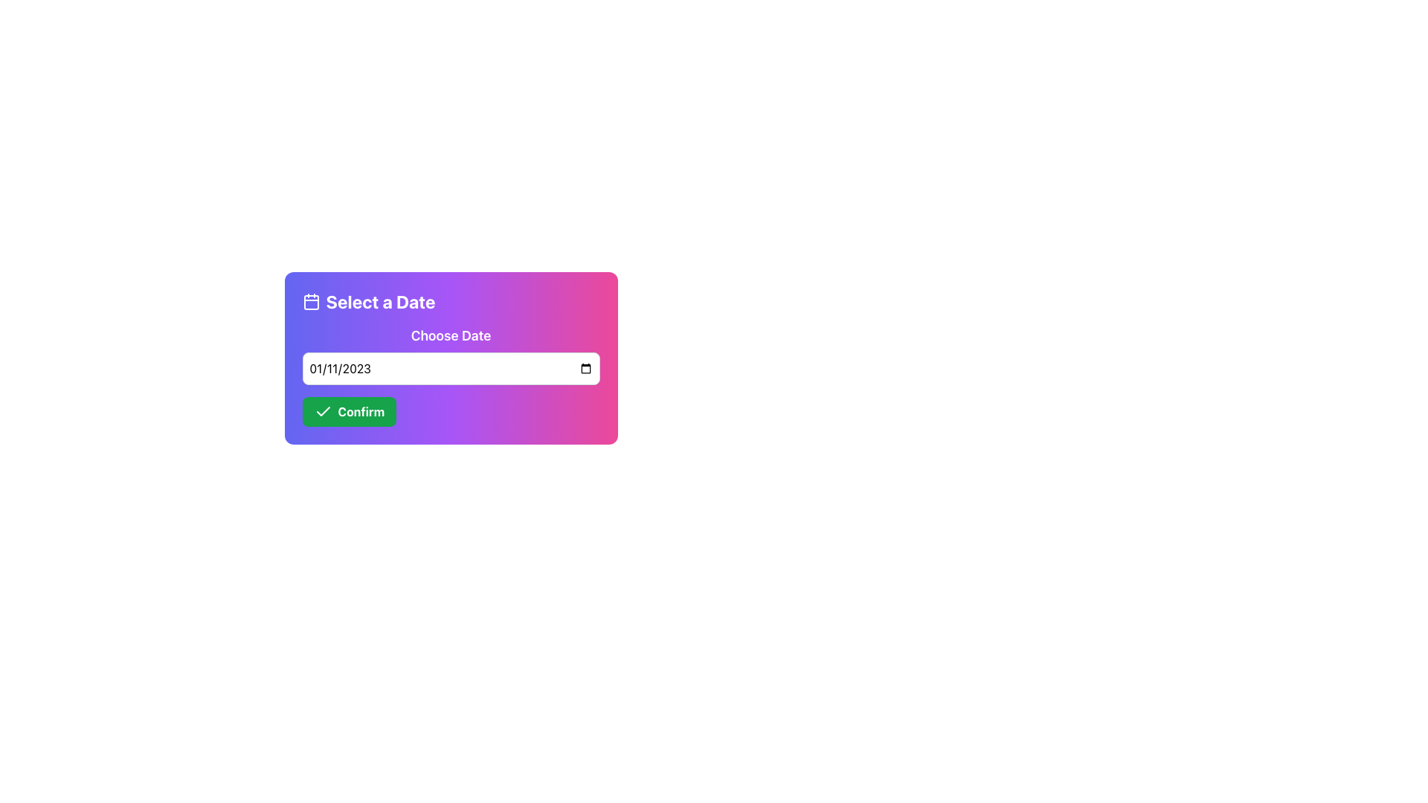 The width and height of the screenshot is (1428, 803). I want to click on the confirmation button located in the bottom-right part of a card with a gradient background, which submits or finalizes the choices made in the interface above it, so click(348, 412).